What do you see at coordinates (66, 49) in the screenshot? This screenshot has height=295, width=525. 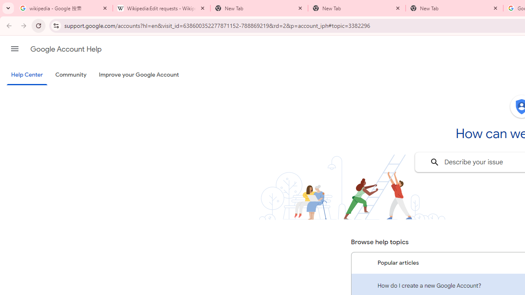 I see `'Google Account Help'` at bounding box center [66, 49].